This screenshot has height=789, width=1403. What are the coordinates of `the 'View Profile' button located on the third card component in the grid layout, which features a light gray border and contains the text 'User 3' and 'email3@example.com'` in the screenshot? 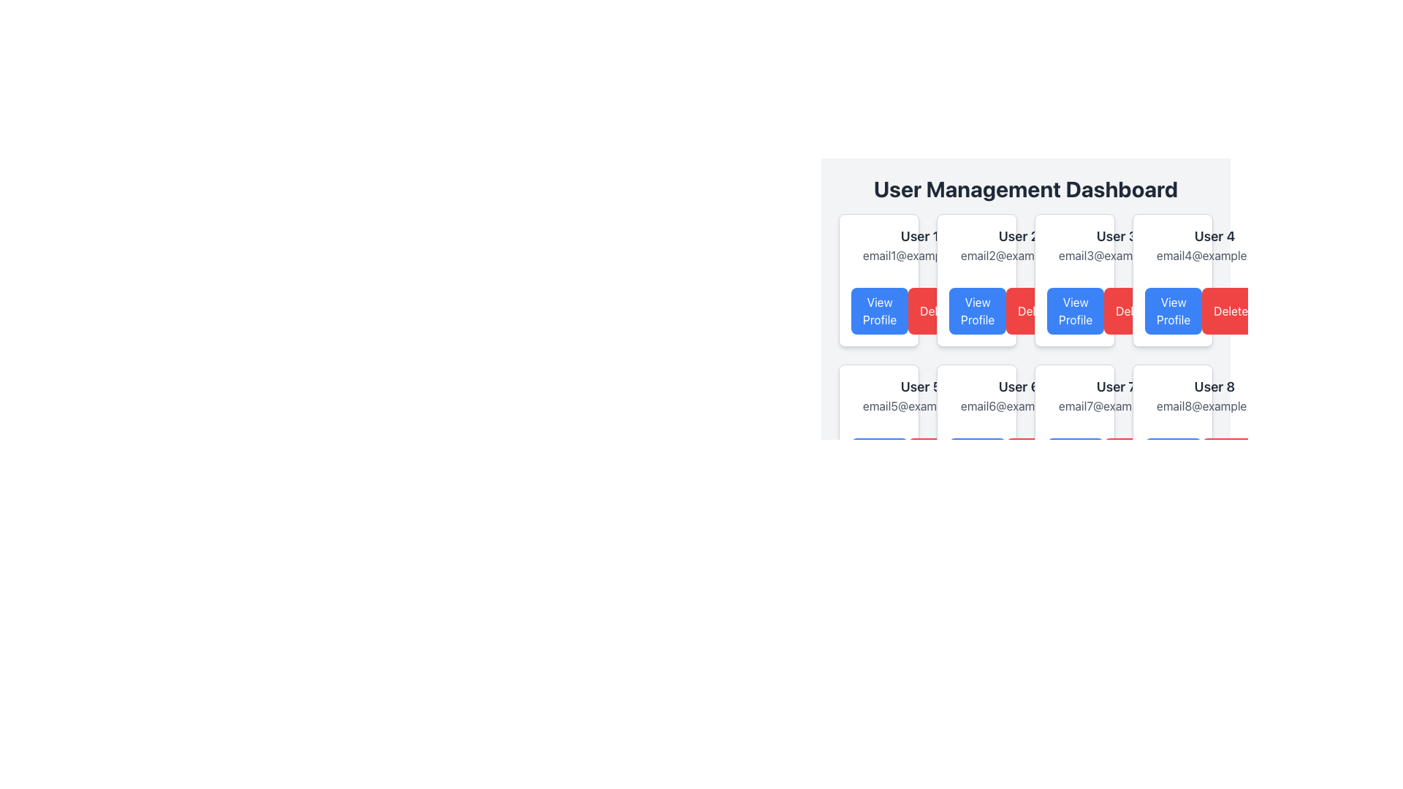 It's located at (1074, 281).